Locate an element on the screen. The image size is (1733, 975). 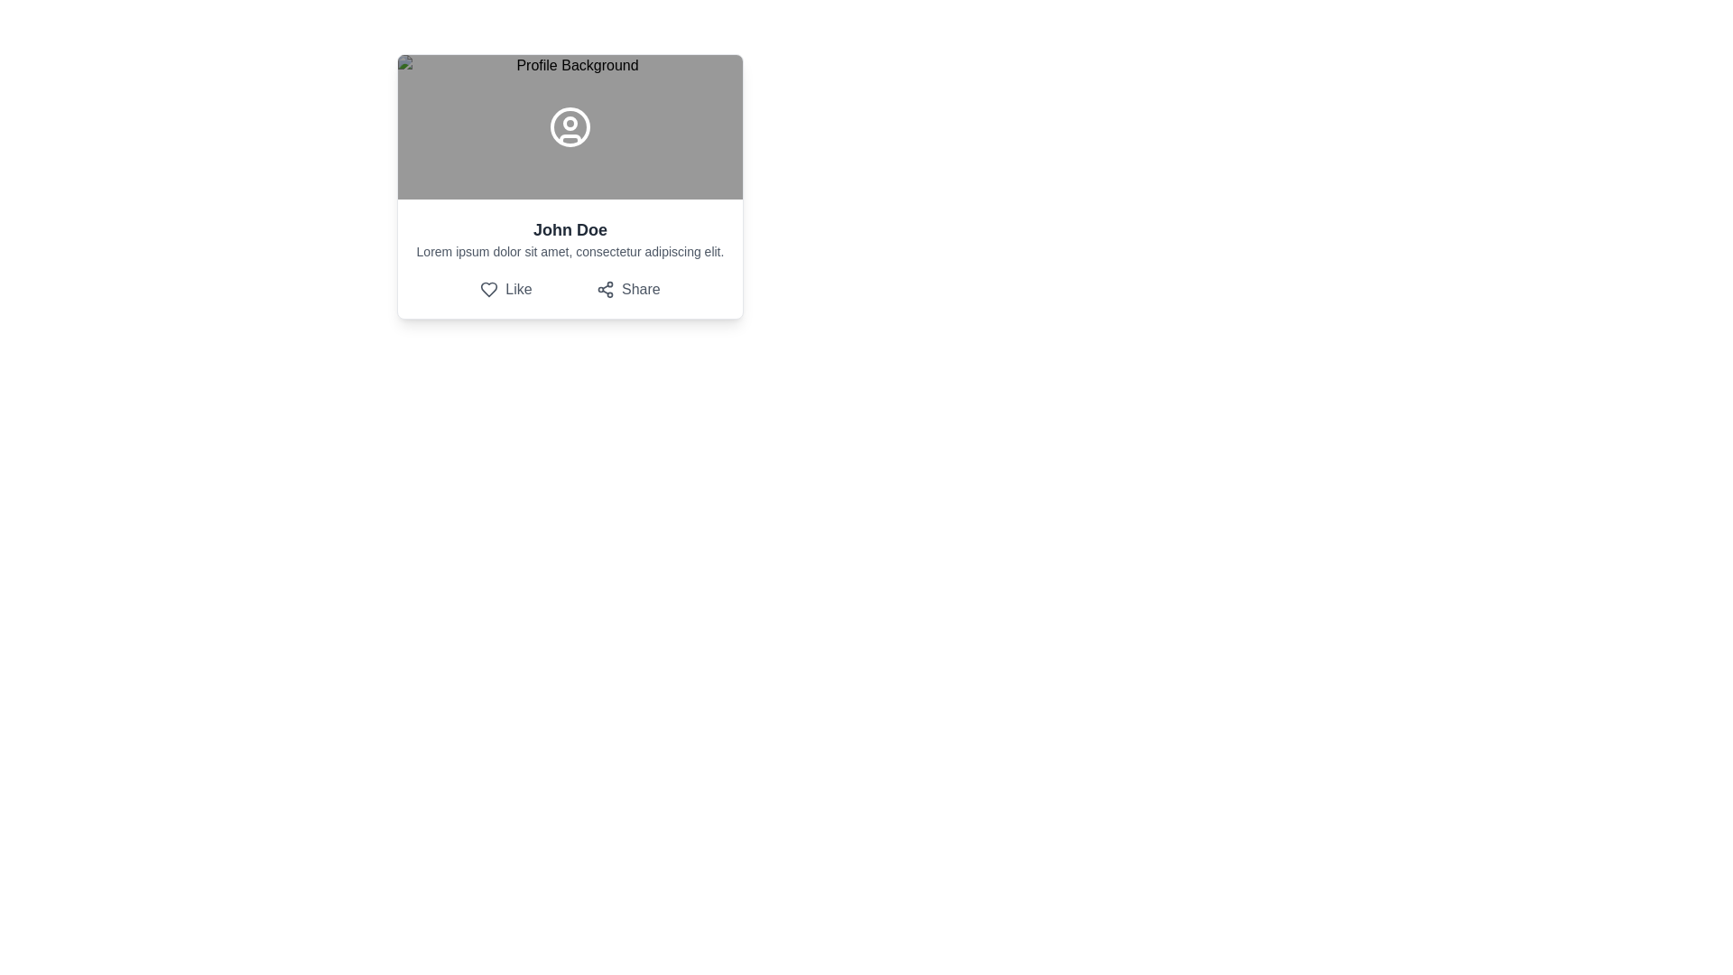
the 'Share' button, which is the second button in a horizontal set of buttons at the bottom of a card component is located at coordinates (628, 288).